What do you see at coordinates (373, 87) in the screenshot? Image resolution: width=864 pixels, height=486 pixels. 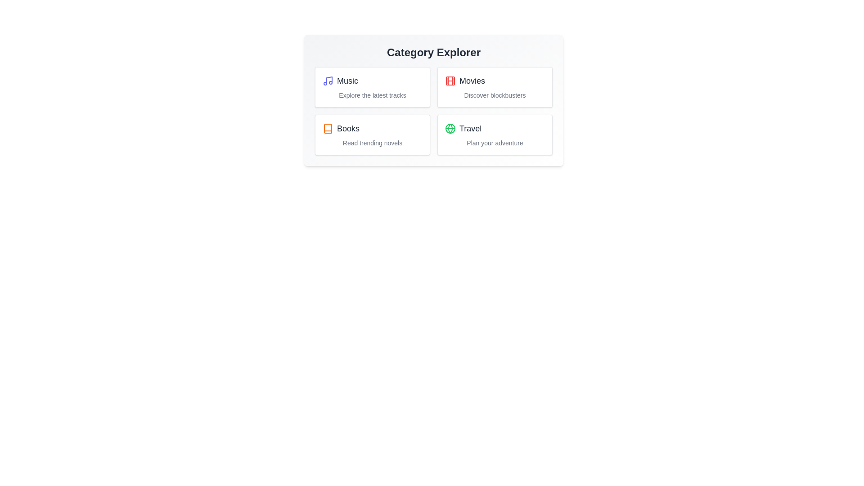 I see `the 'Music' category to select it` at bounding box center [373, 87].